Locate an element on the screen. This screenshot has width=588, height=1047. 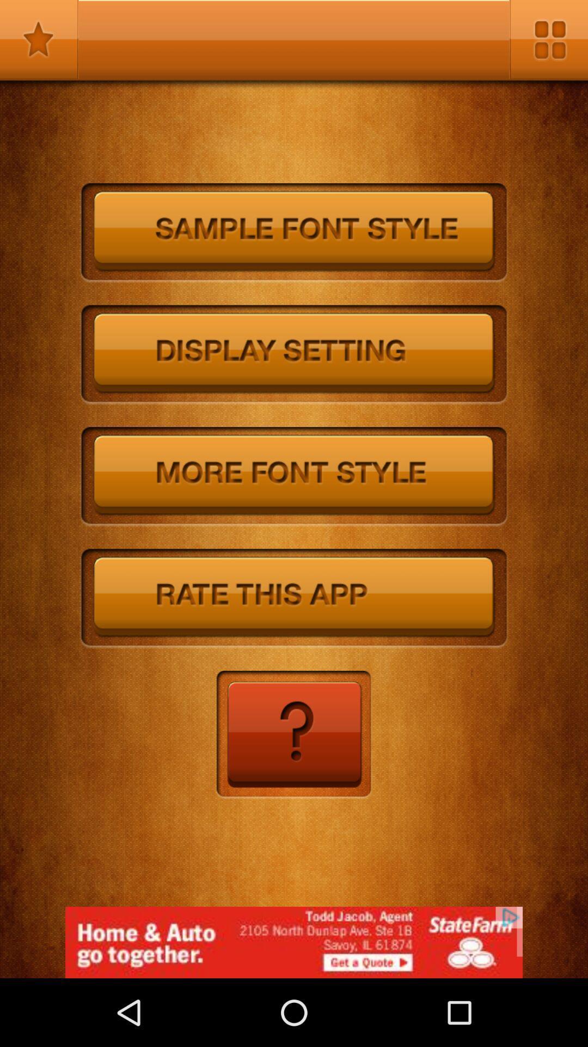
shows the question option is located at coordinates (293, 735).